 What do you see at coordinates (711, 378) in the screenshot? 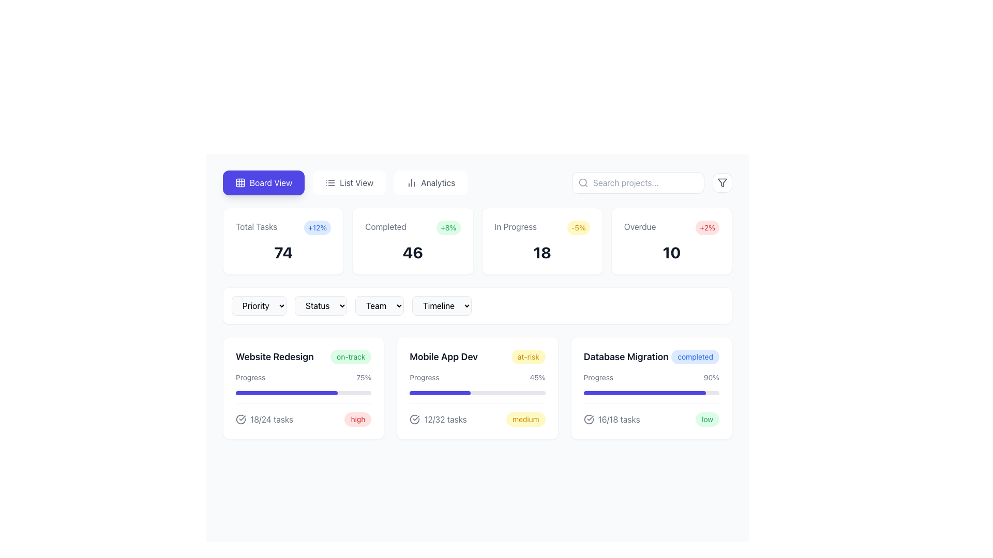
I see `the '90%' text label, which is styled in bold gray font and serves as a percentage indicator in the 'Database Migration' card` at bounding box center [711, 378].